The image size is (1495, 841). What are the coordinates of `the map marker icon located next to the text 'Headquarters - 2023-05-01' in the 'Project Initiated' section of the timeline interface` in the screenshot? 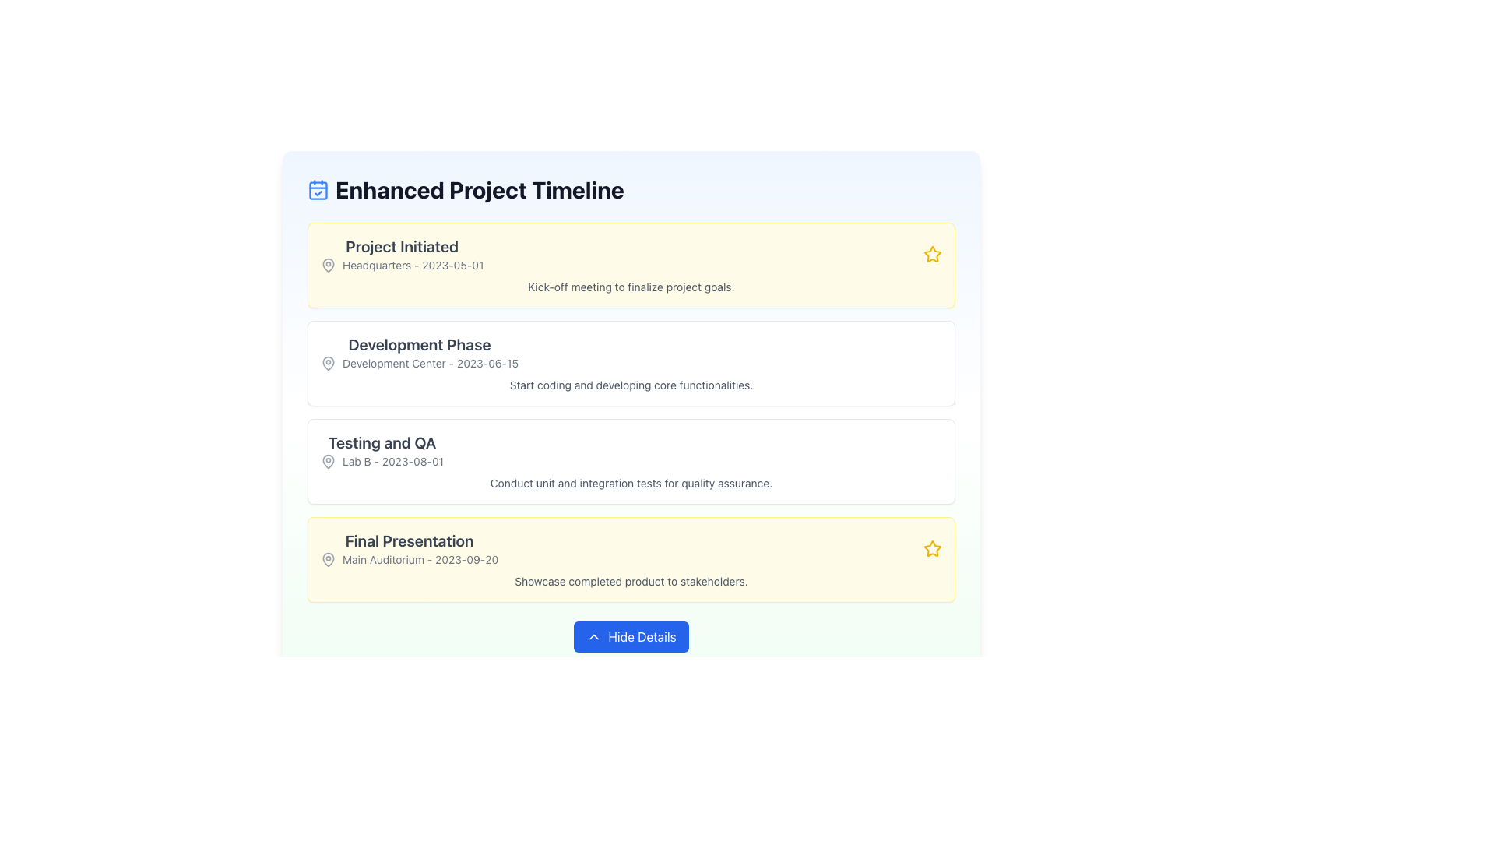 It's located at (328, 264).